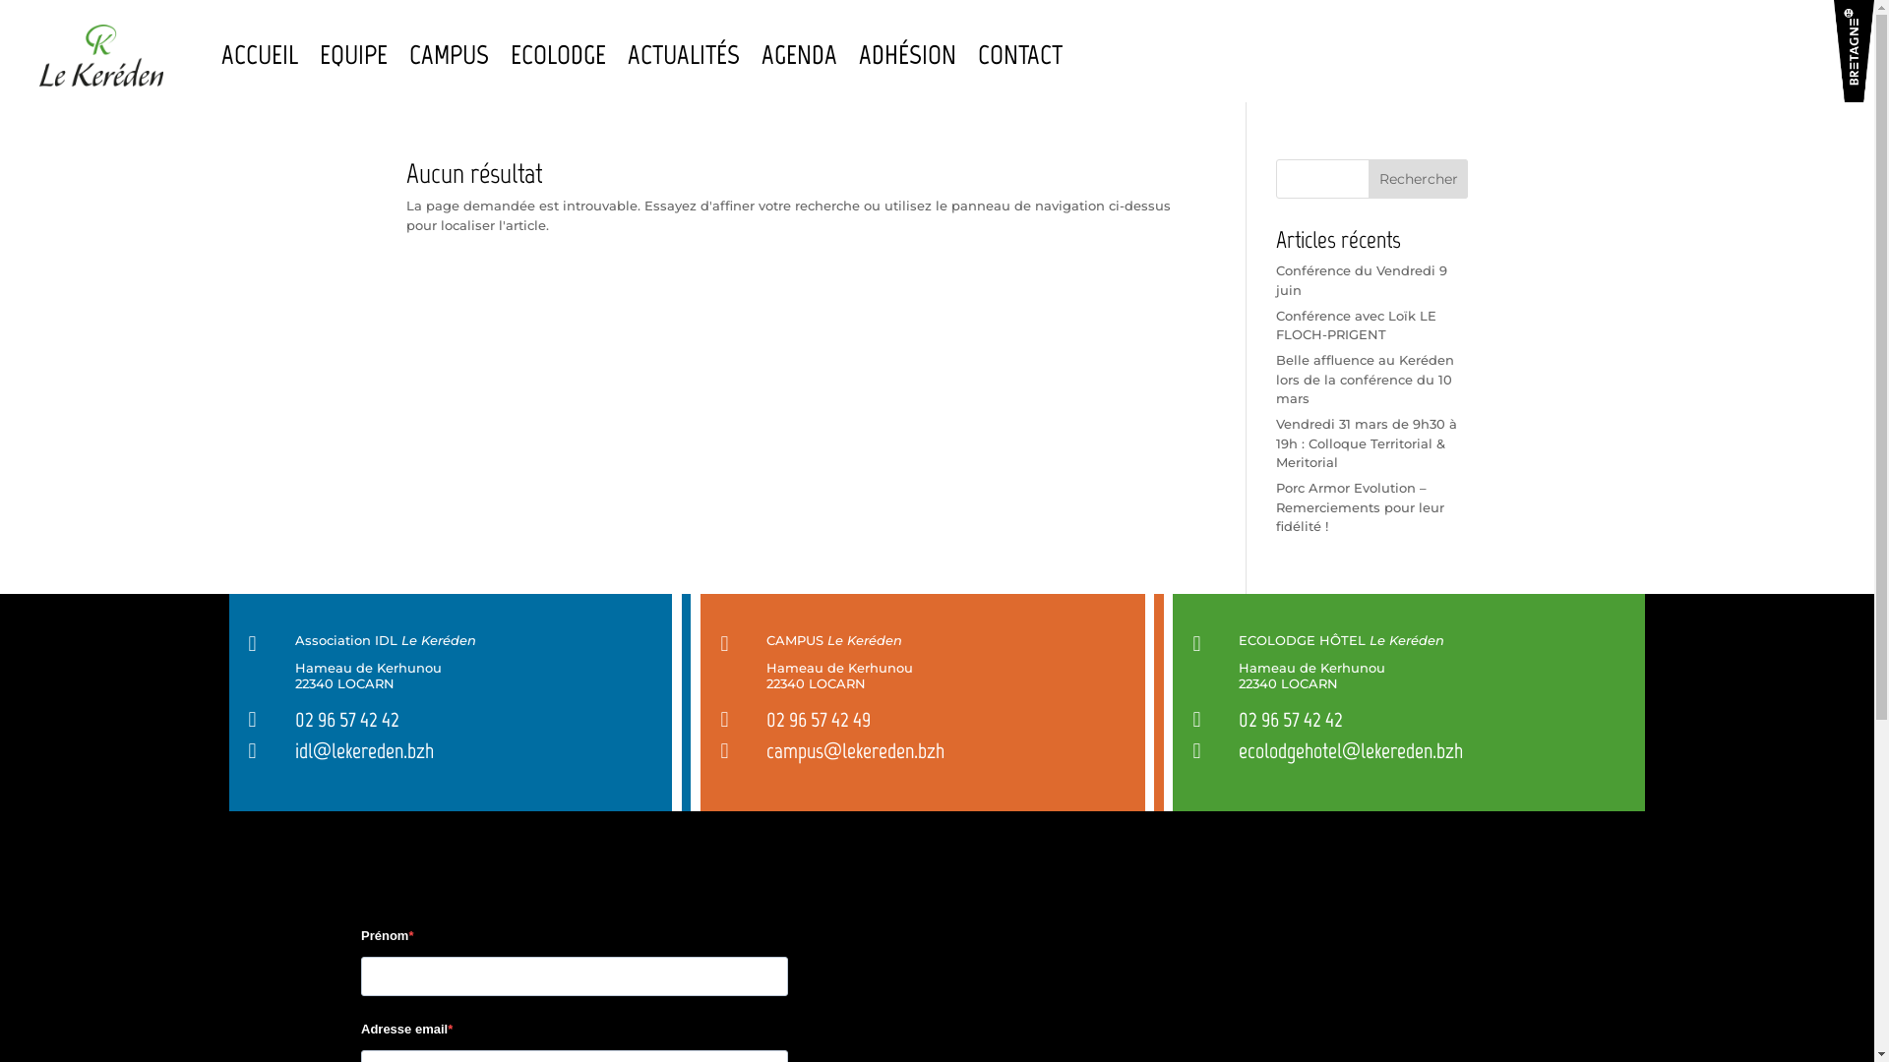  What do you see at coordinates (353, 54) in the screenshot?
I see `'EQUIPE'` at bounding box center [353, 54].